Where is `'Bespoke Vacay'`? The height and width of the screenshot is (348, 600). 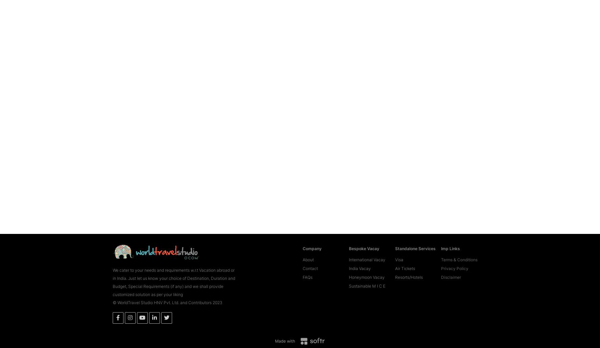 'Bespoke Vacay' is located at coordinates (364, 238).